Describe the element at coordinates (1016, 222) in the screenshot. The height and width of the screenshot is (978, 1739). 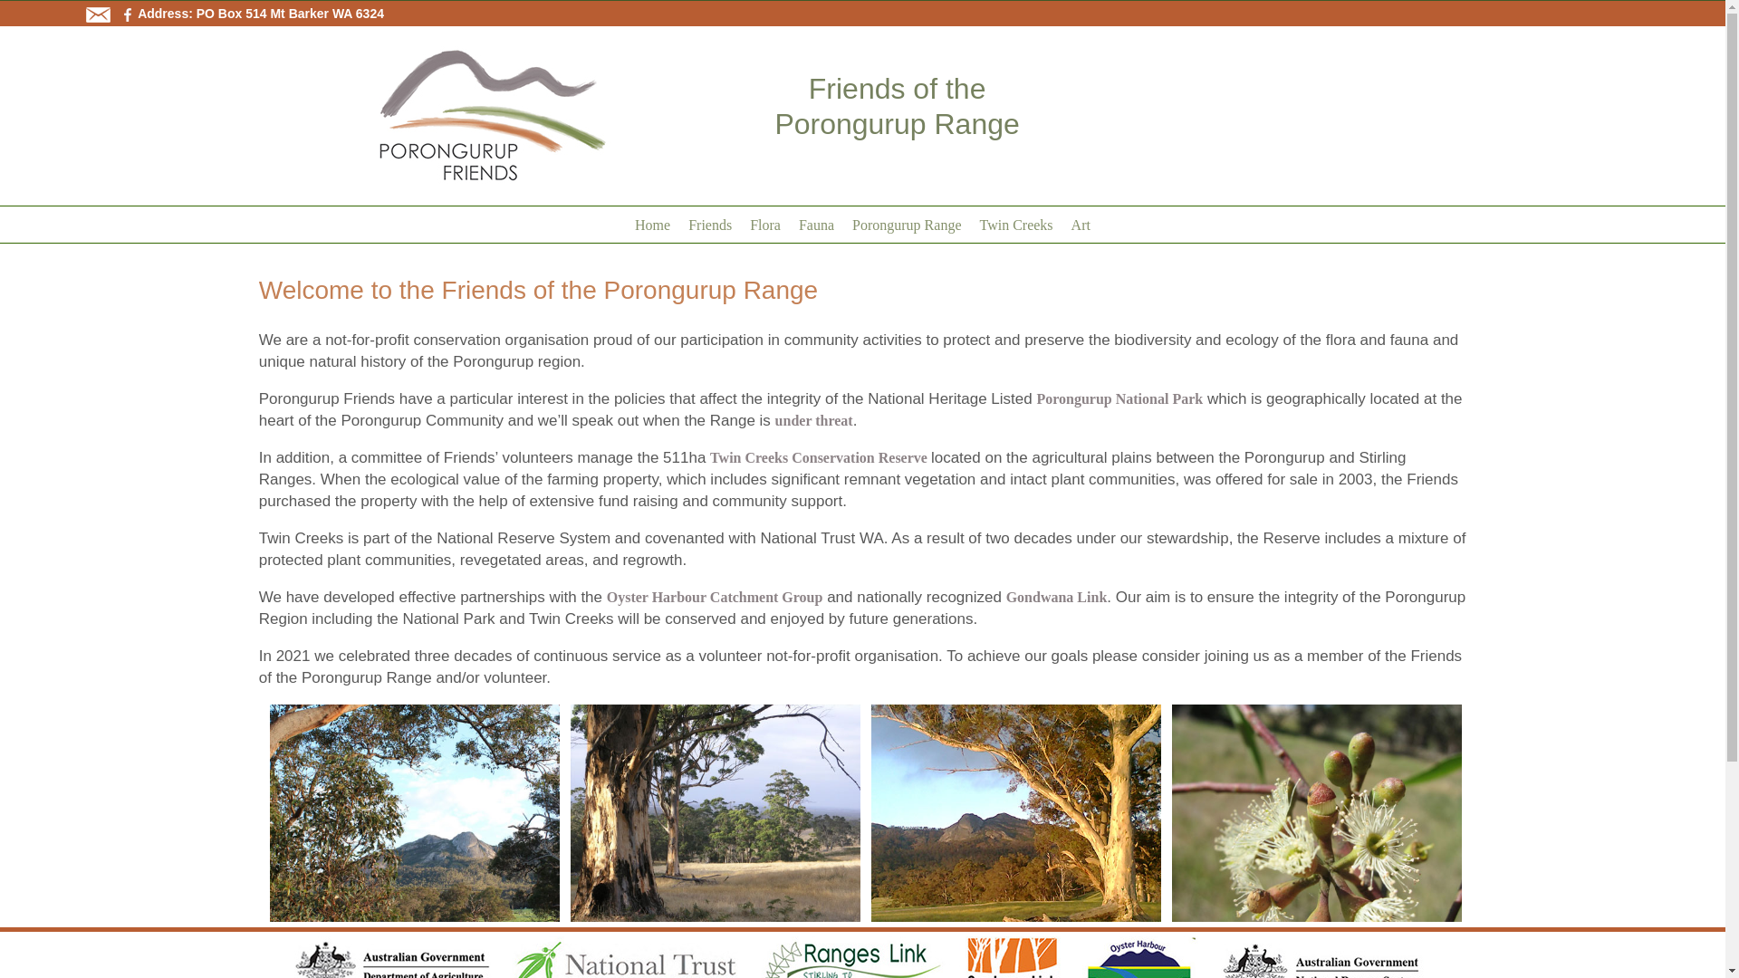
I see `'Twin Creeks'` at that location.